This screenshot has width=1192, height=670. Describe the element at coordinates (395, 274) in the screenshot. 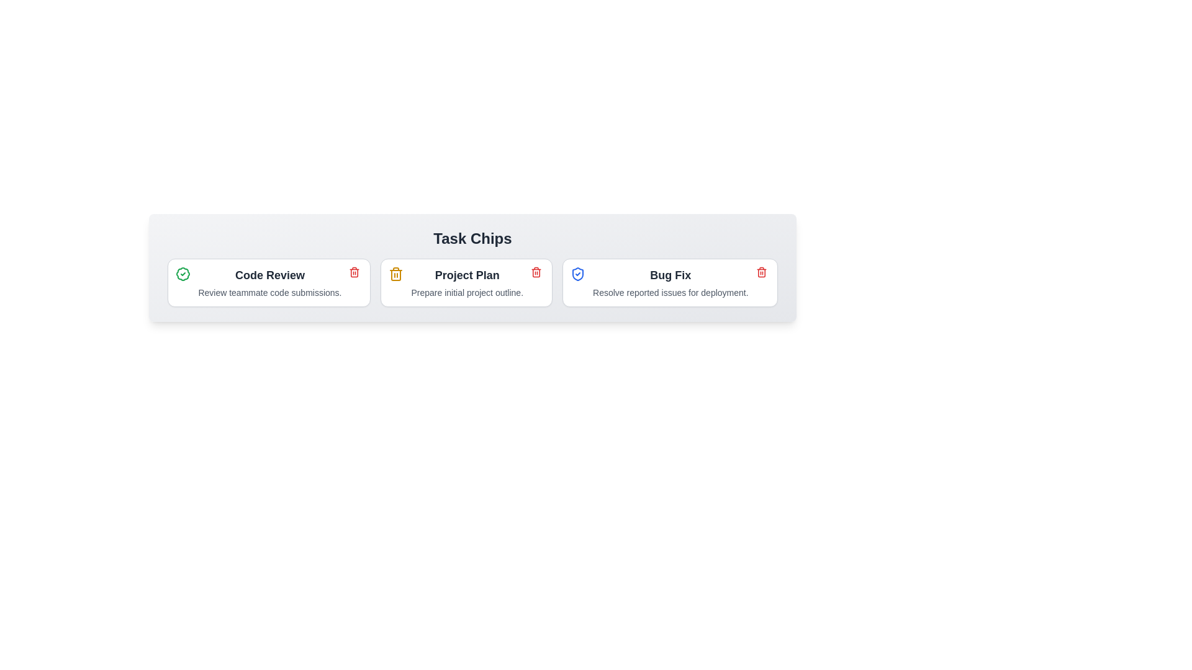

I see `the icon representing the task state: Pending` at that location.